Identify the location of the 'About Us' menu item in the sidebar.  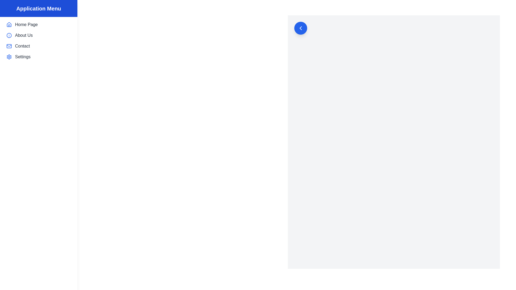
(38, 35).